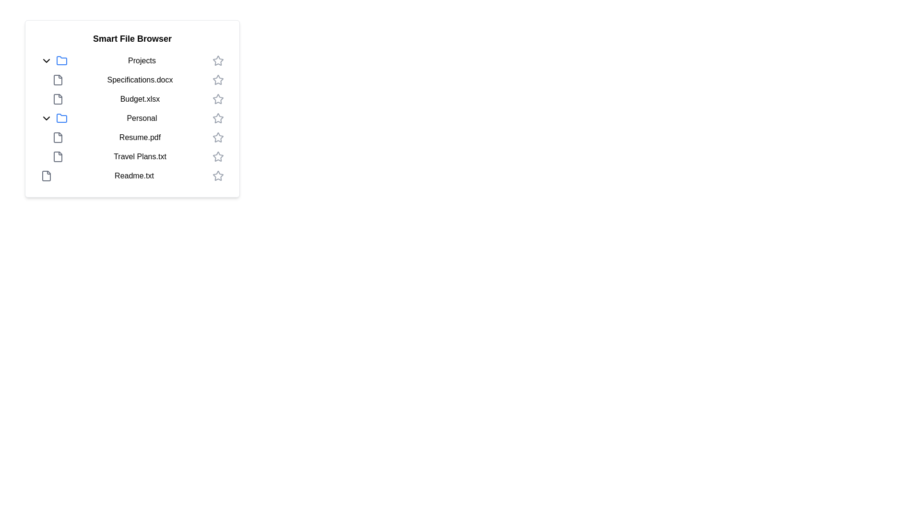 This screenshot has height=518, width=921. Describe the element at coordinates (140, 99) in the screenshot. I see `the text label for the file named 'Budget.xlsx'` at that location.